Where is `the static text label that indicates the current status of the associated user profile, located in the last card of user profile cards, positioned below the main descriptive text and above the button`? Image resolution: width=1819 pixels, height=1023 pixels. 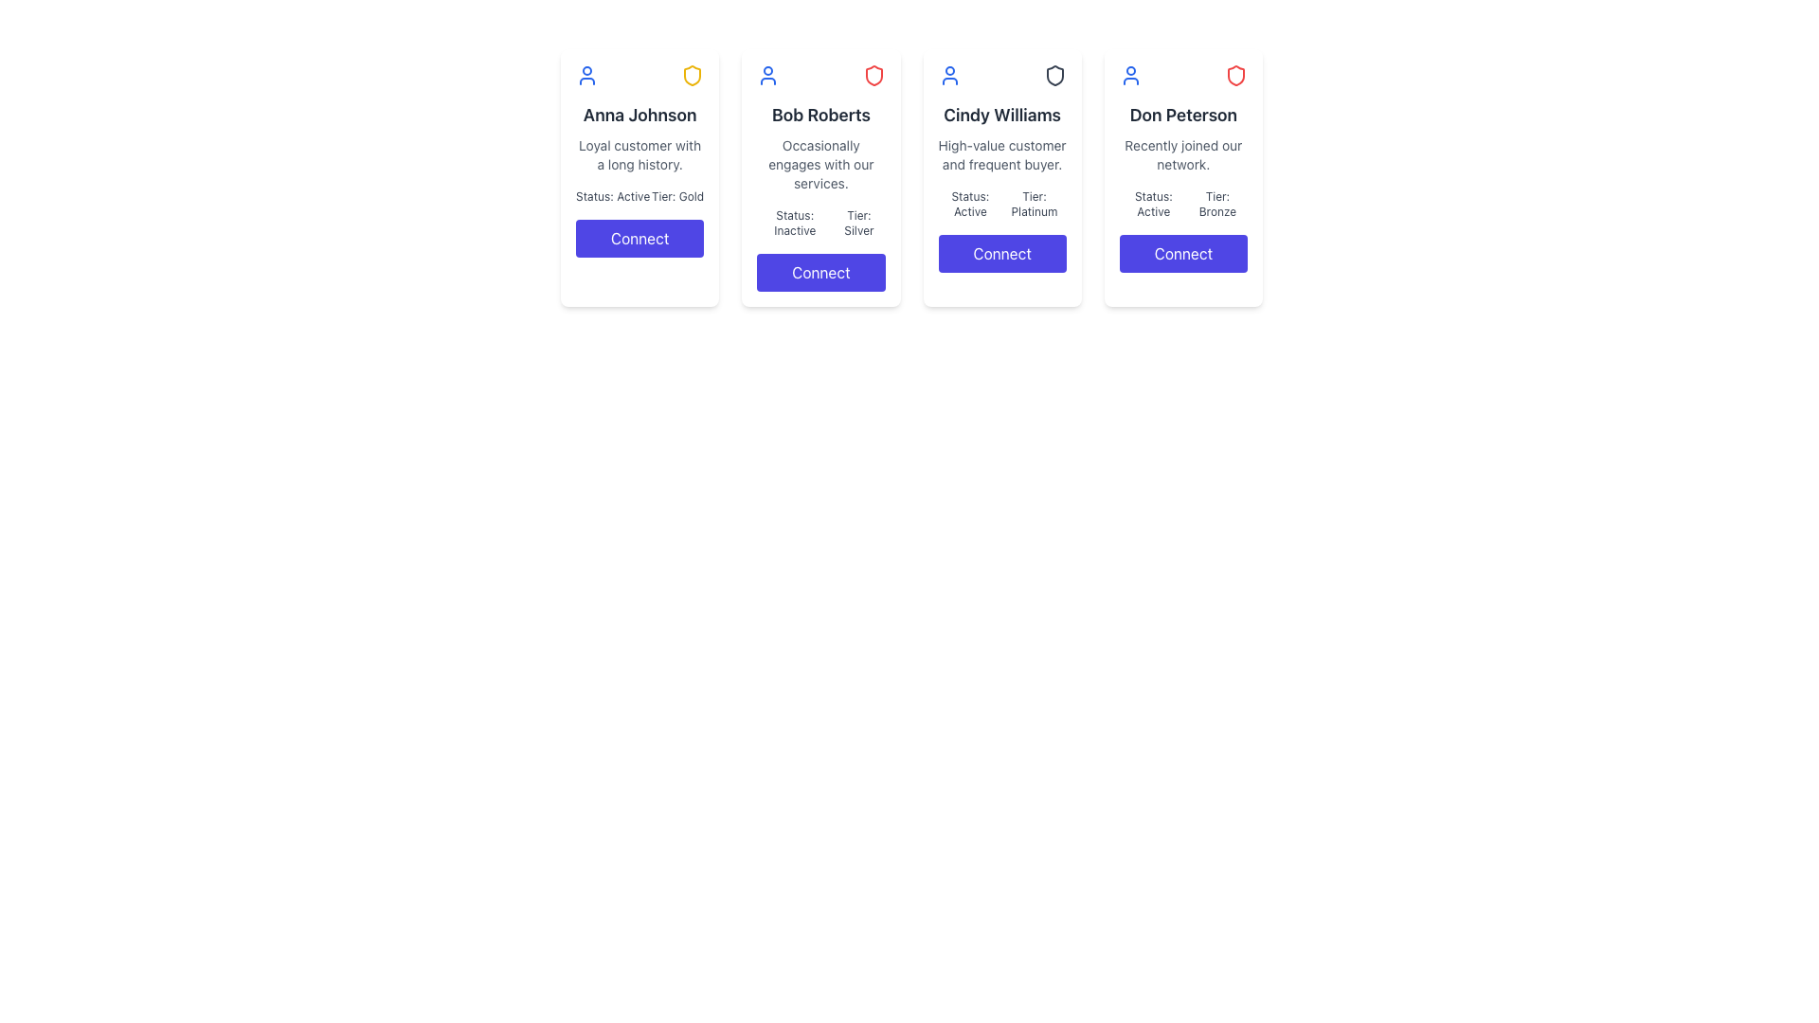
the static text label that indicates the current status of the associated user profile, located in the last card of user profile cards, positioned below the main descriptive text and above the button is located at coordinates (1152, 205).